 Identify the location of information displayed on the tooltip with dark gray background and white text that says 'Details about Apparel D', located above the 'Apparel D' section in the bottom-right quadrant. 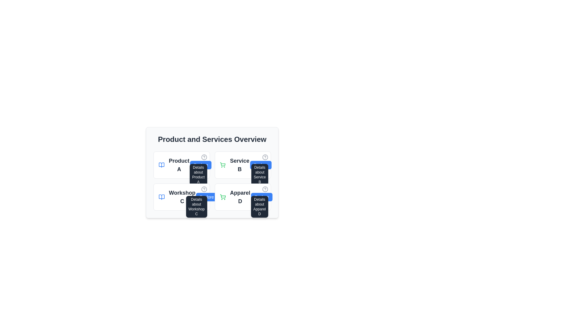
(259, 206).